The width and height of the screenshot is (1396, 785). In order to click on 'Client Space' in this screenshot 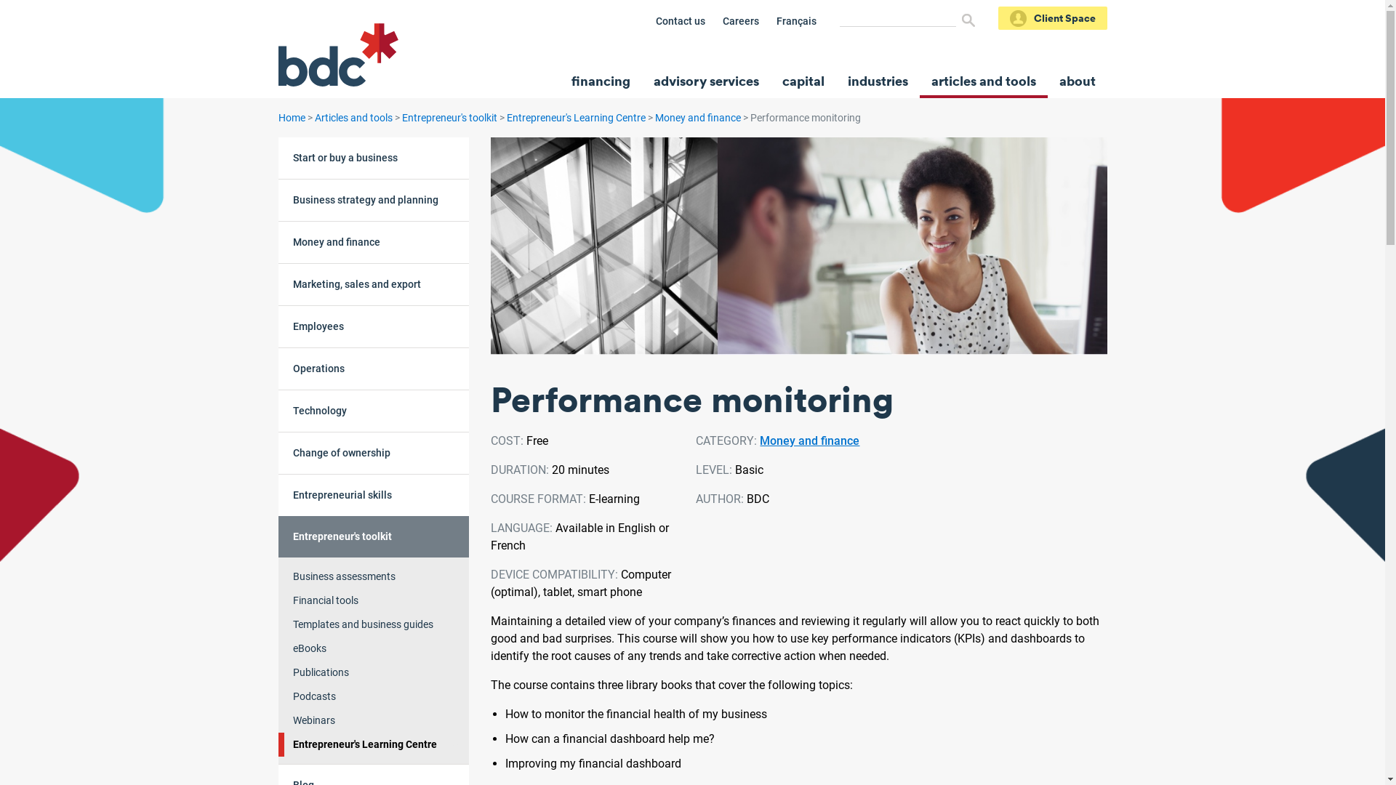, I will do `click(1051, 17)`.